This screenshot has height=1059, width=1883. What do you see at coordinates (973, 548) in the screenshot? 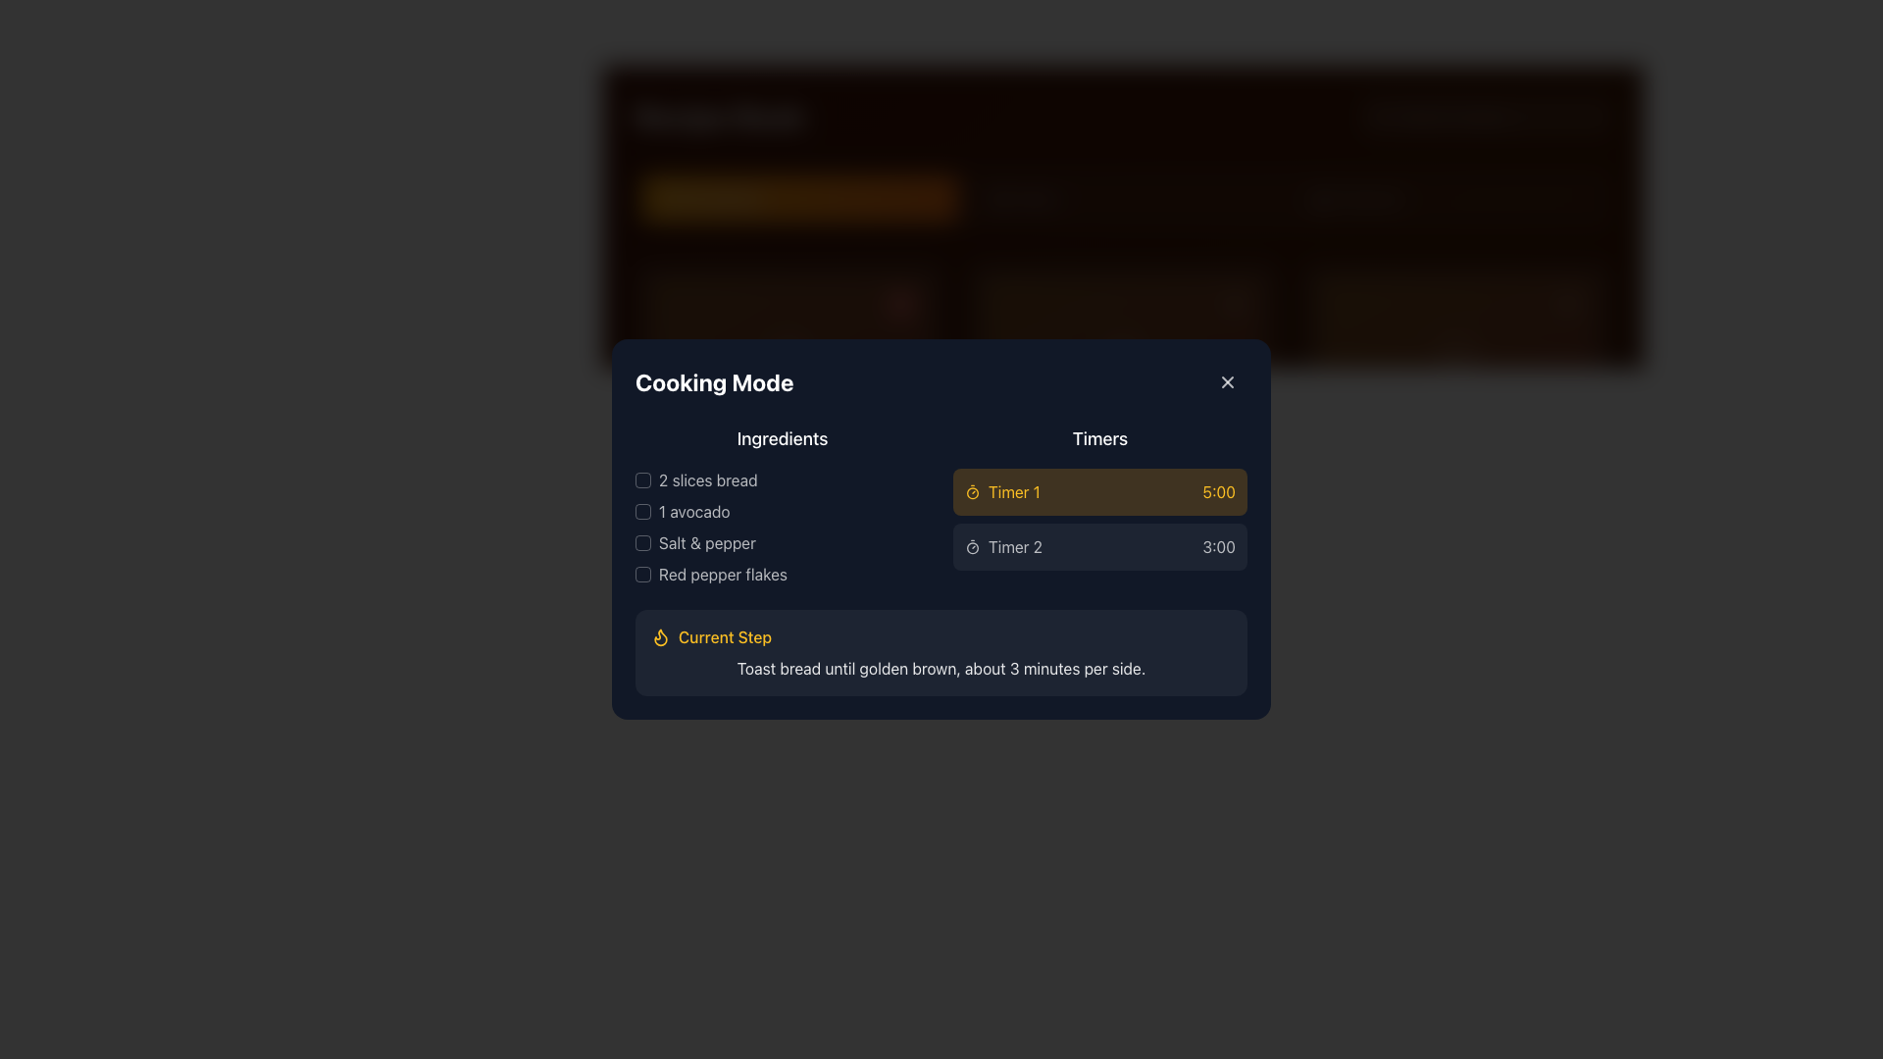
I see `the circular graphic element representing the timer functionality associated with 'Timer 2'` at bounding box center [973, 548].